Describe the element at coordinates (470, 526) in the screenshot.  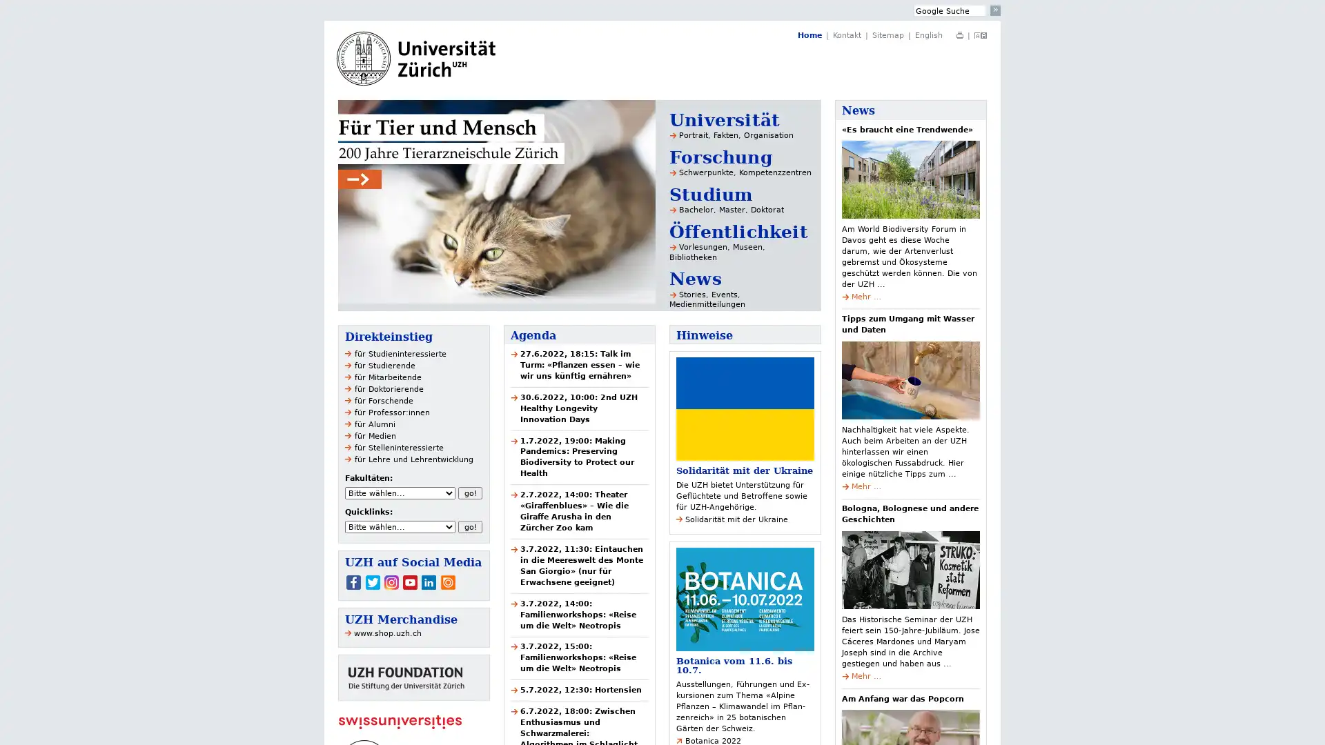
I see `go!` at that location.